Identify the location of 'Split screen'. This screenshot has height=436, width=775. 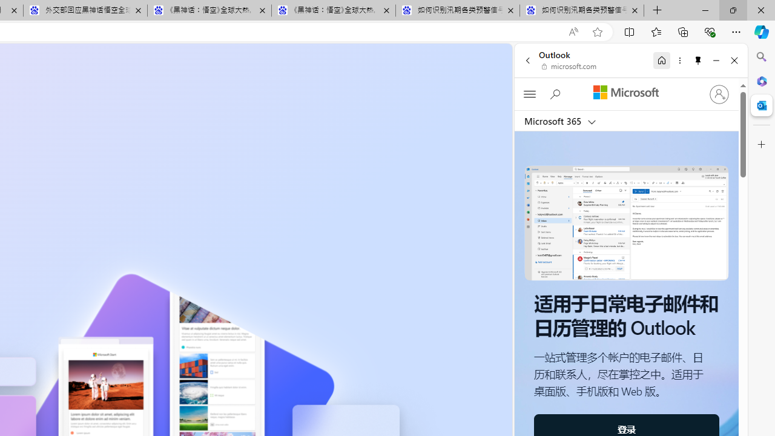
(630, 31).